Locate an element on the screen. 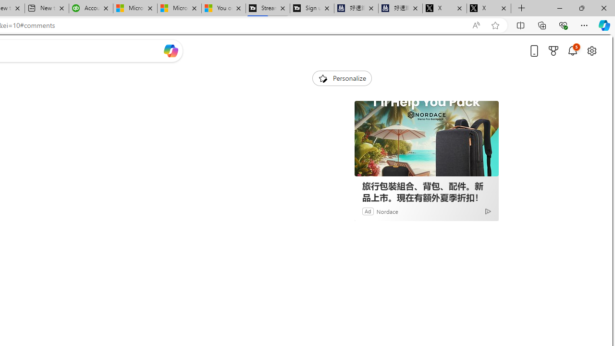 This screenshot has width=615, height=346. 'Personalize' is located at coordinates (342, 78).